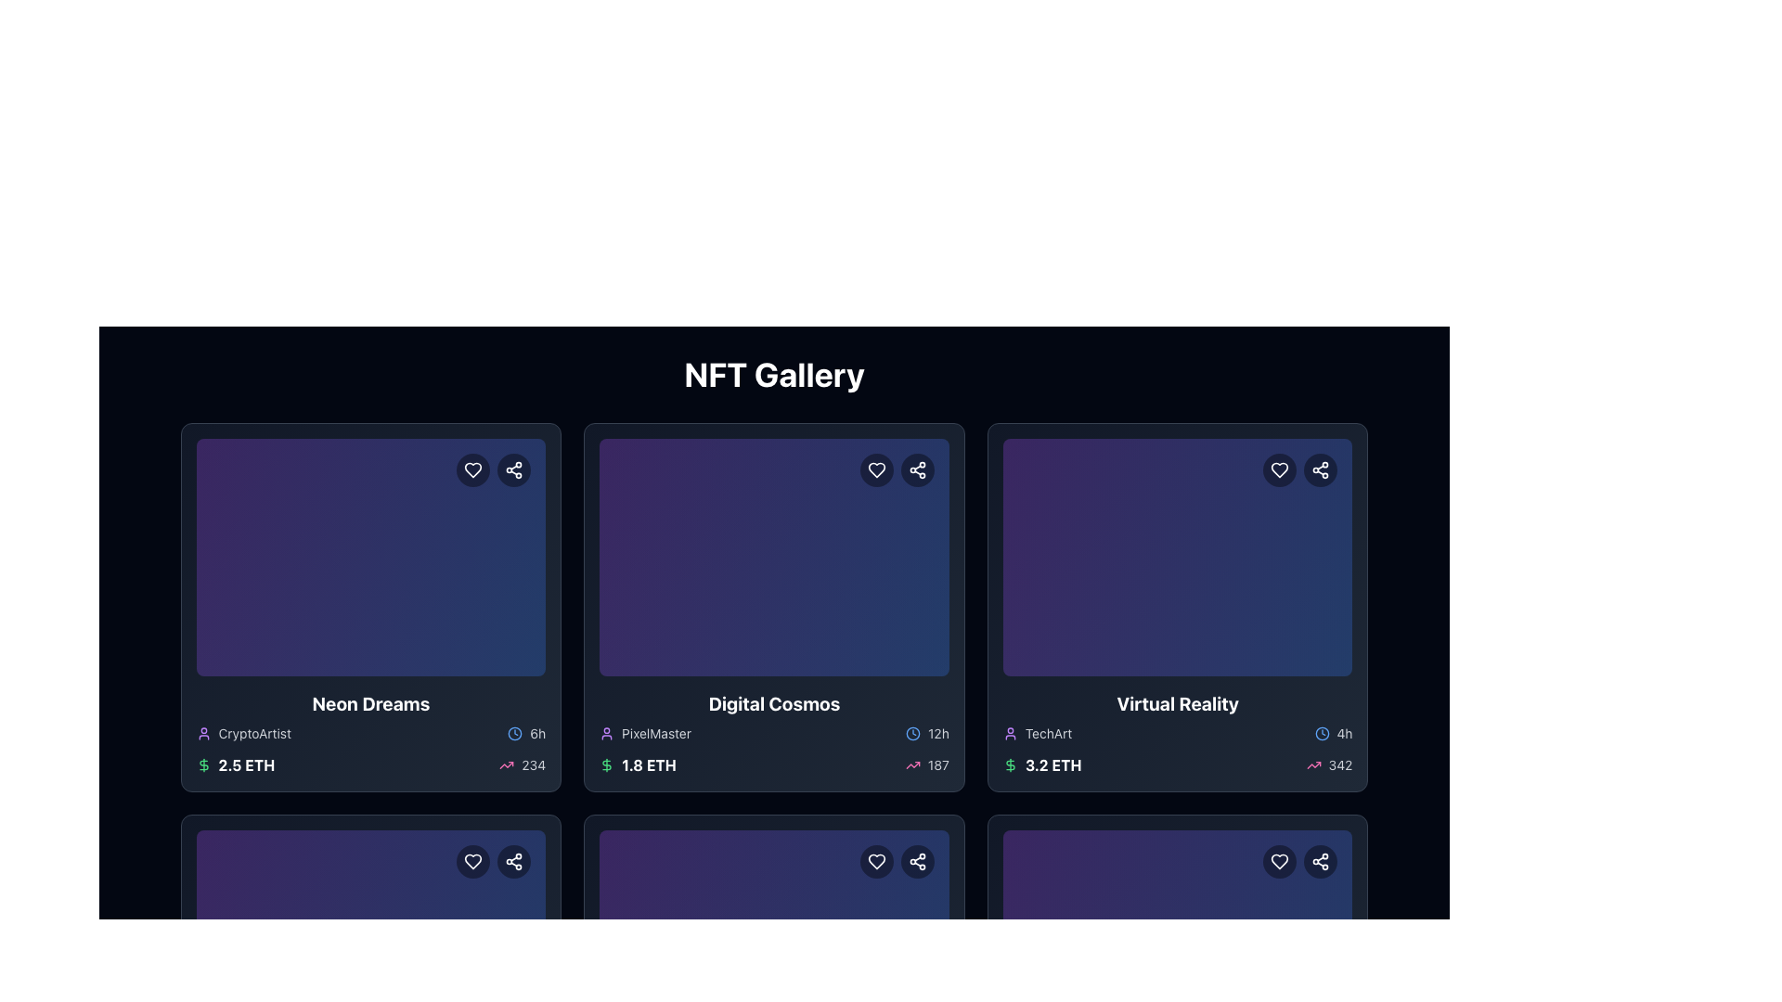  Describe the element at coordinates (203, 732) in the screenshot. I see `the purple user silhouette icon adjacent to the text 'CryptoArtist' in the metadata section below the media card labeled 'Neon Dreams'` at that location.